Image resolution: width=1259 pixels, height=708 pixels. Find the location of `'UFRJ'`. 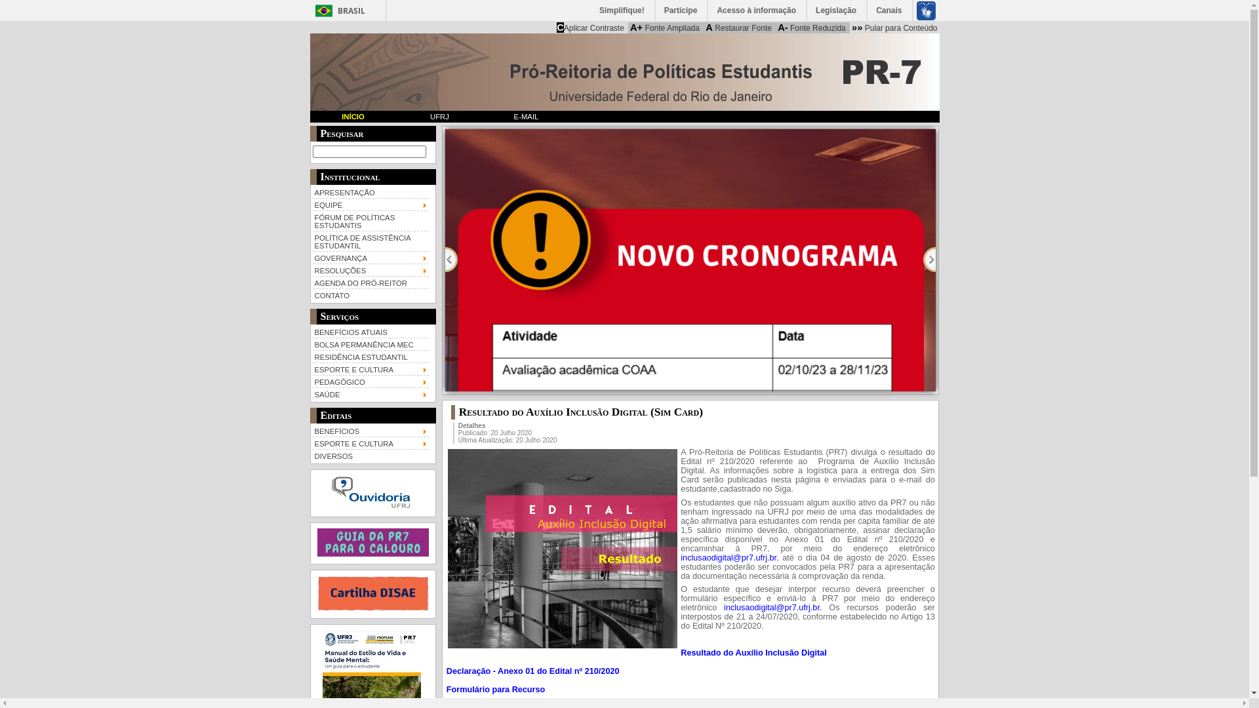

'UFRJ' is located at coordinates (395, 115).